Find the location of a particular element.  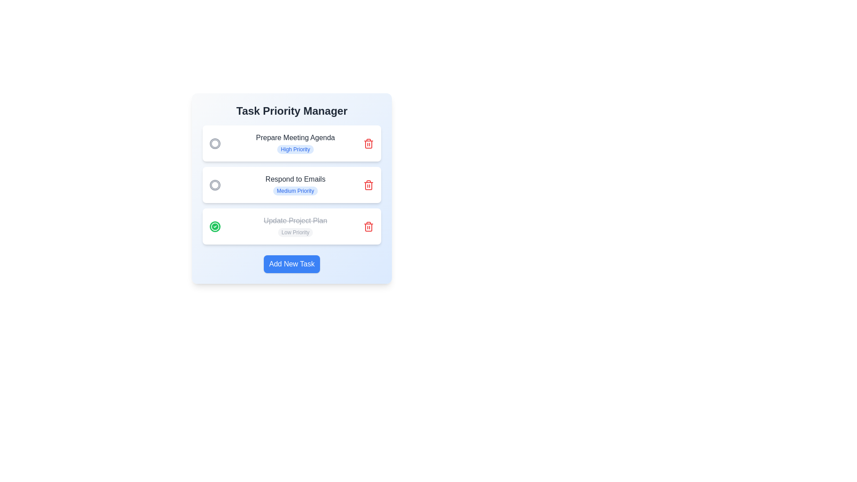

the decorative circle element representing the task status for 'Update Project Plan', located at the lower task item in the interface layout is located at coordinates (215, 225).